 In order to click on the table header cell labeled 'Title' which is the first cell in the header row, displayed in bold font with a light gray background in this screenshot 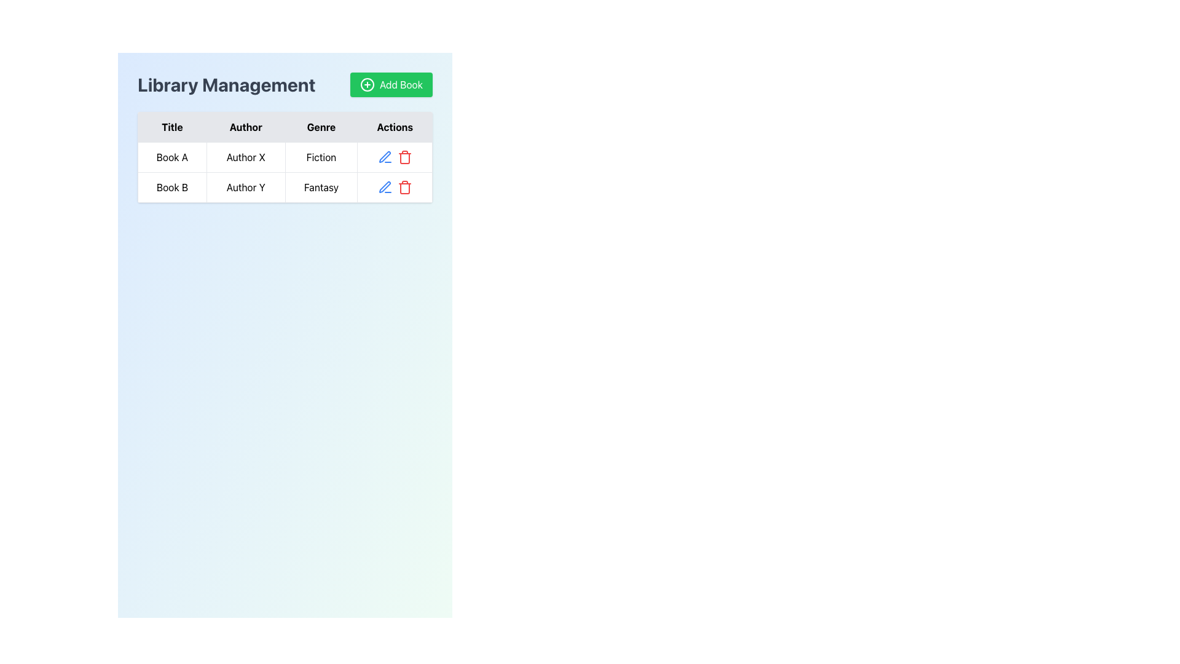, I will do `click(171, 127)`.